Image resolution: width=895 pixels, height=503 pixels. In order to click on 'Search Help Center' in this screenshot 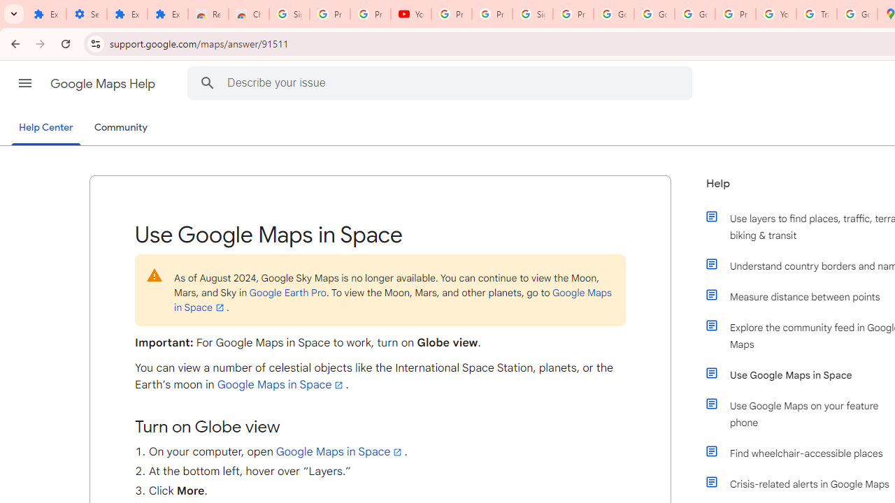, I will do `click(207, 82)`.